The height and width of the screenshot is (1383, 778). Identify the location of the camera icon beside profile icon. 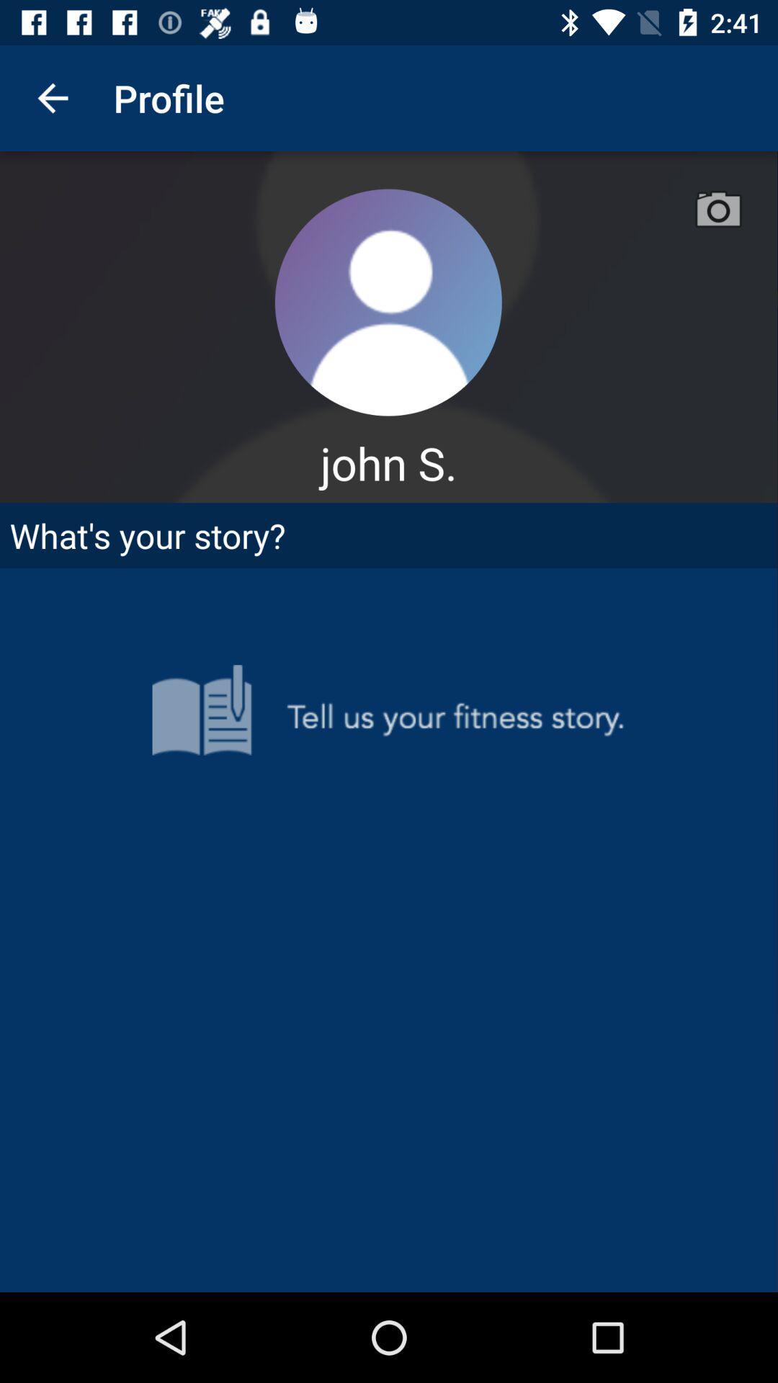
(719, 210).